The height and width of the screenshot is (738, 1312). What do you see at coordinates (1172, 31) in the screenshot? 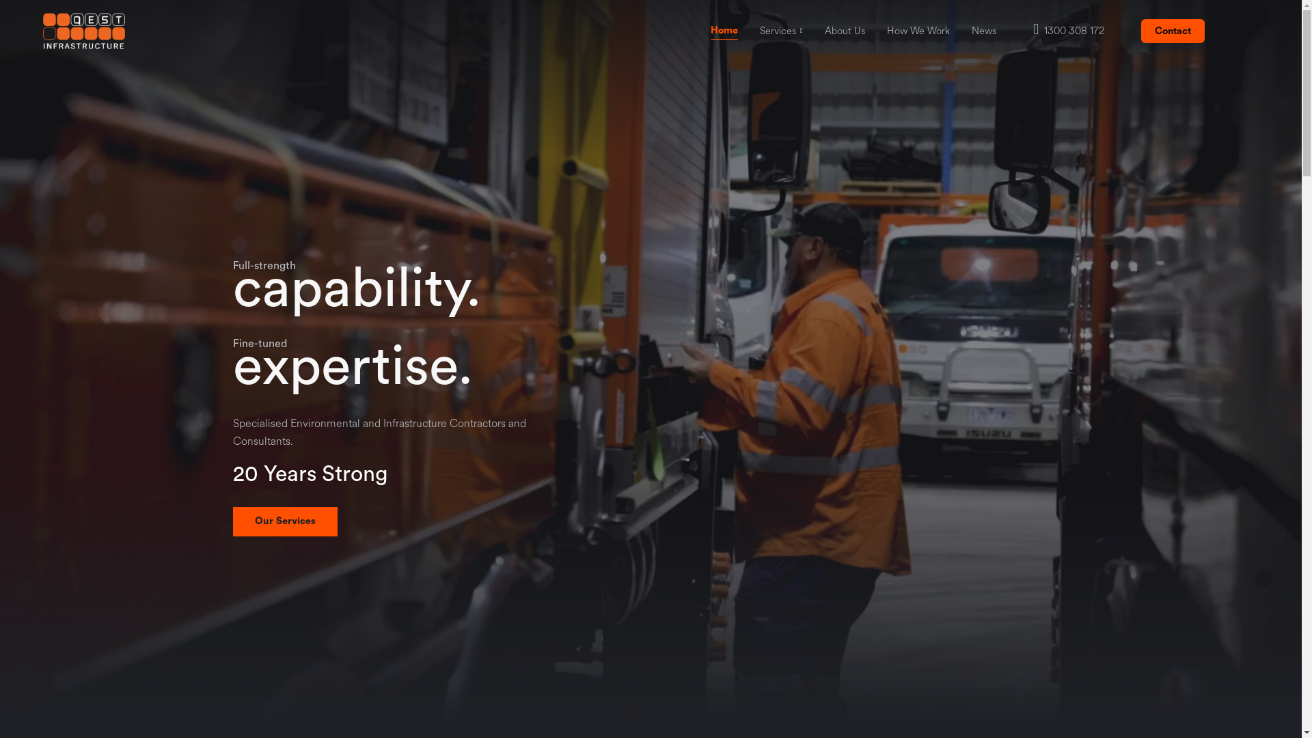
I see `'Contact'` at bounding box center [1172, 31].